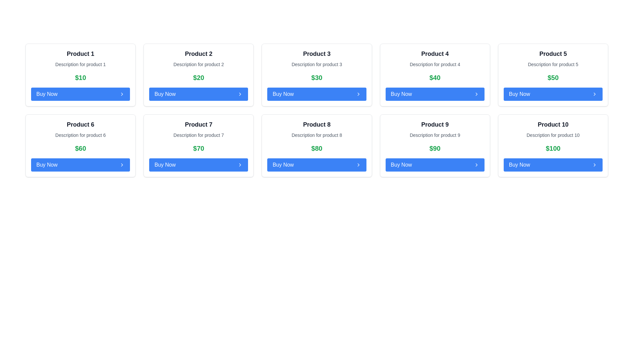  I want to click on the button designed to initiate the purchase process for 'Product 4' to change its appearance, so click(435, 94).